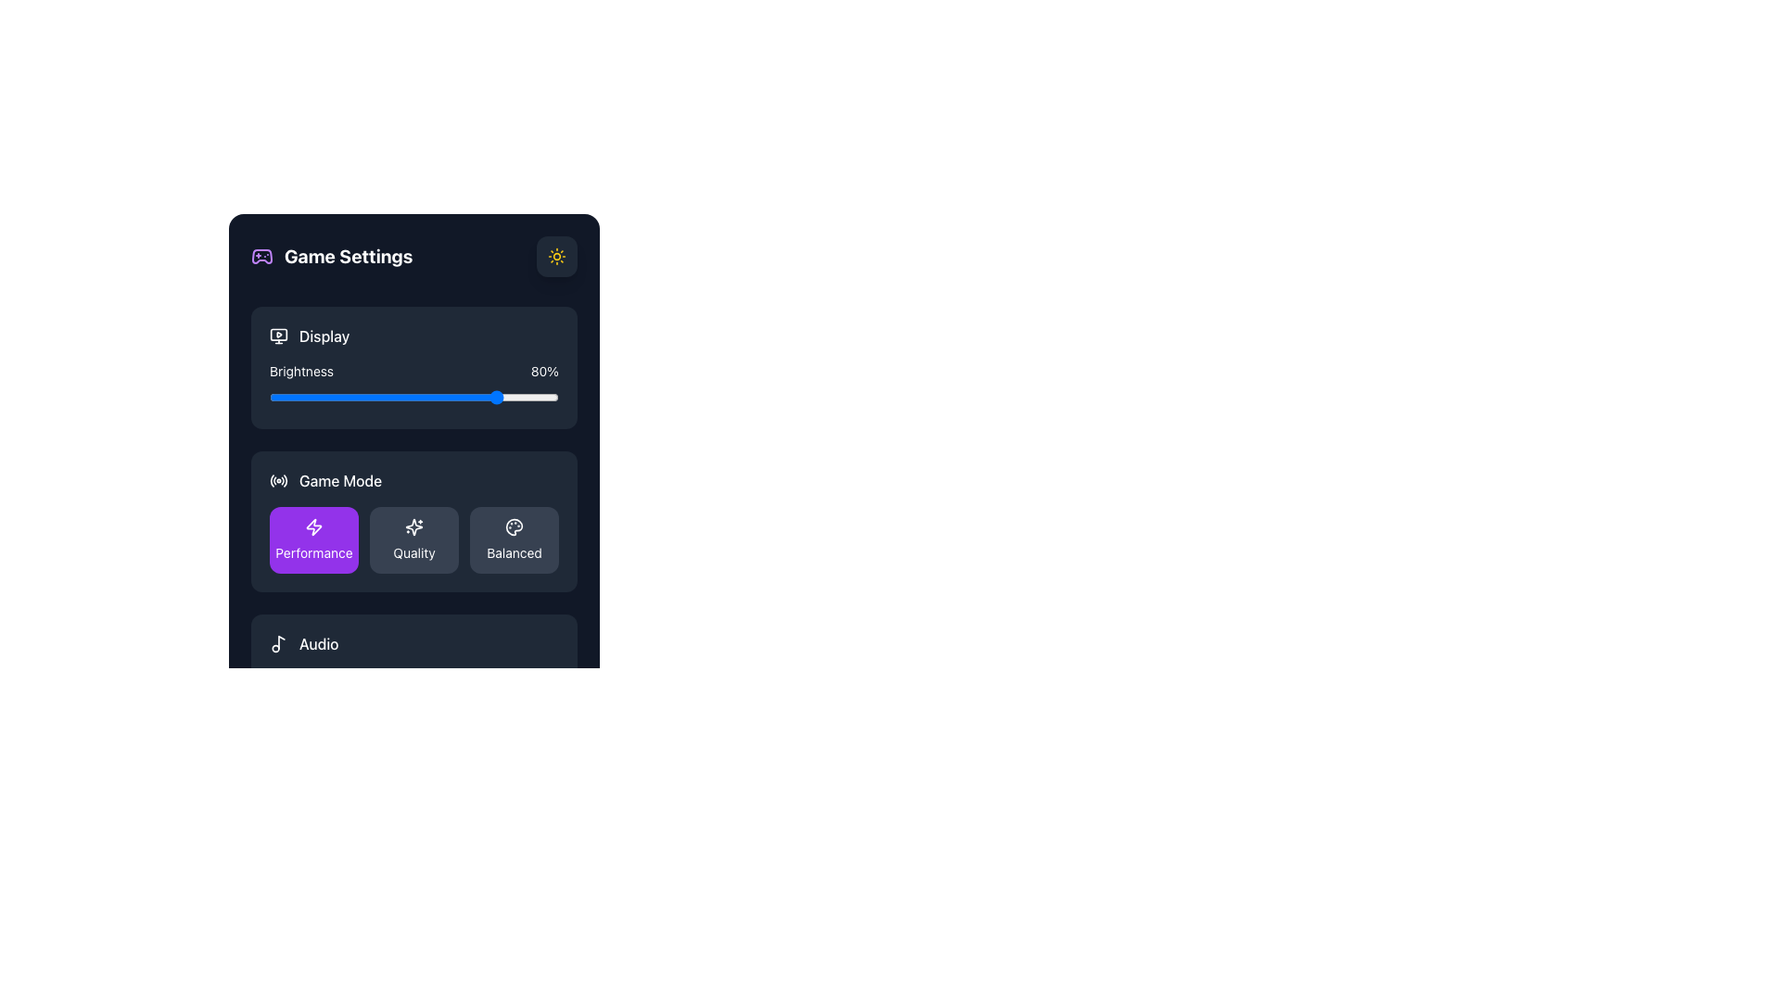  What do you see at coordinates (489, 396) in the screenshot?
I see `brightness` at bounding box center [489, 396].